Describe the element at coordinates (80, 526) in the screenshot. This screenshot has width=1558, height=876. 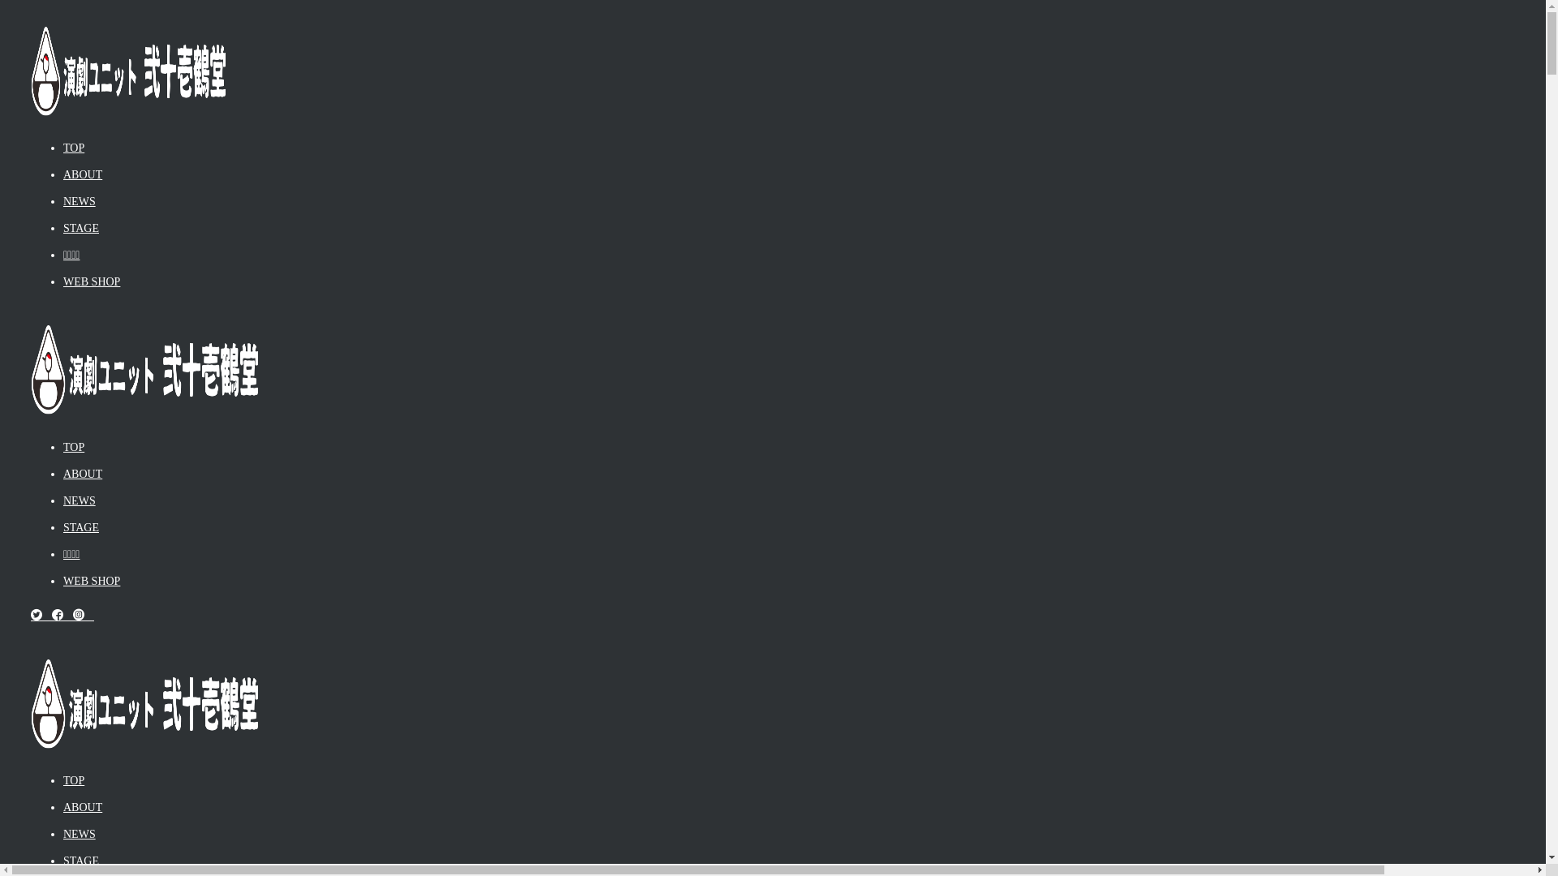
I see `'STAGE'` at that location.